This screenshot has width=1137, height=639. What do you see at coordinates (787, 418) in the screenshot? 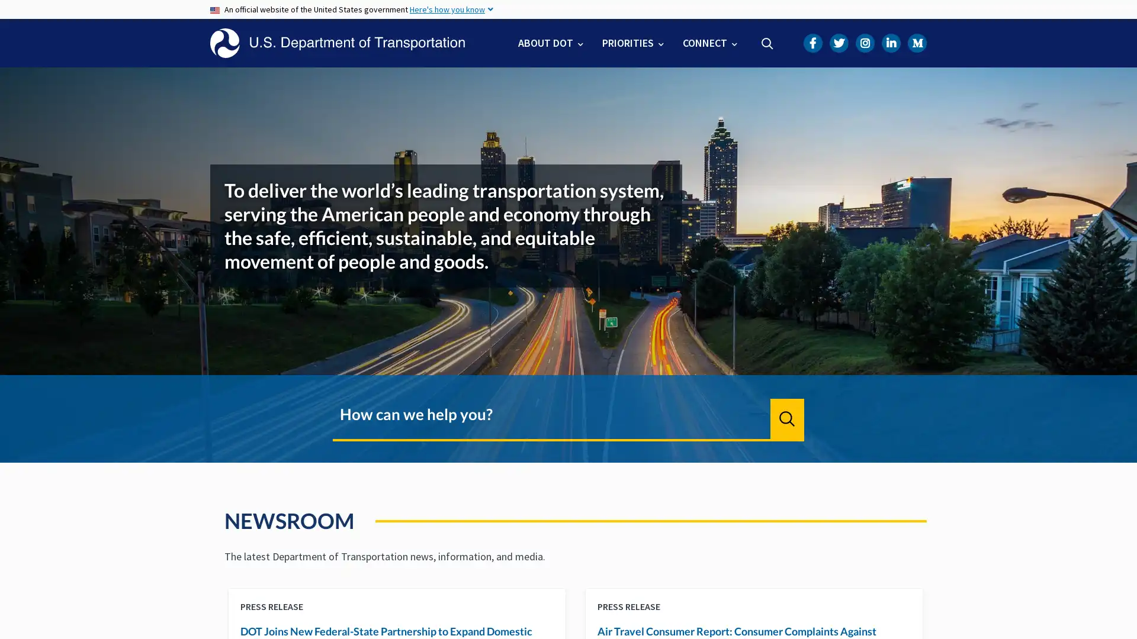
I see `Search` at bounding box center [787, 418].